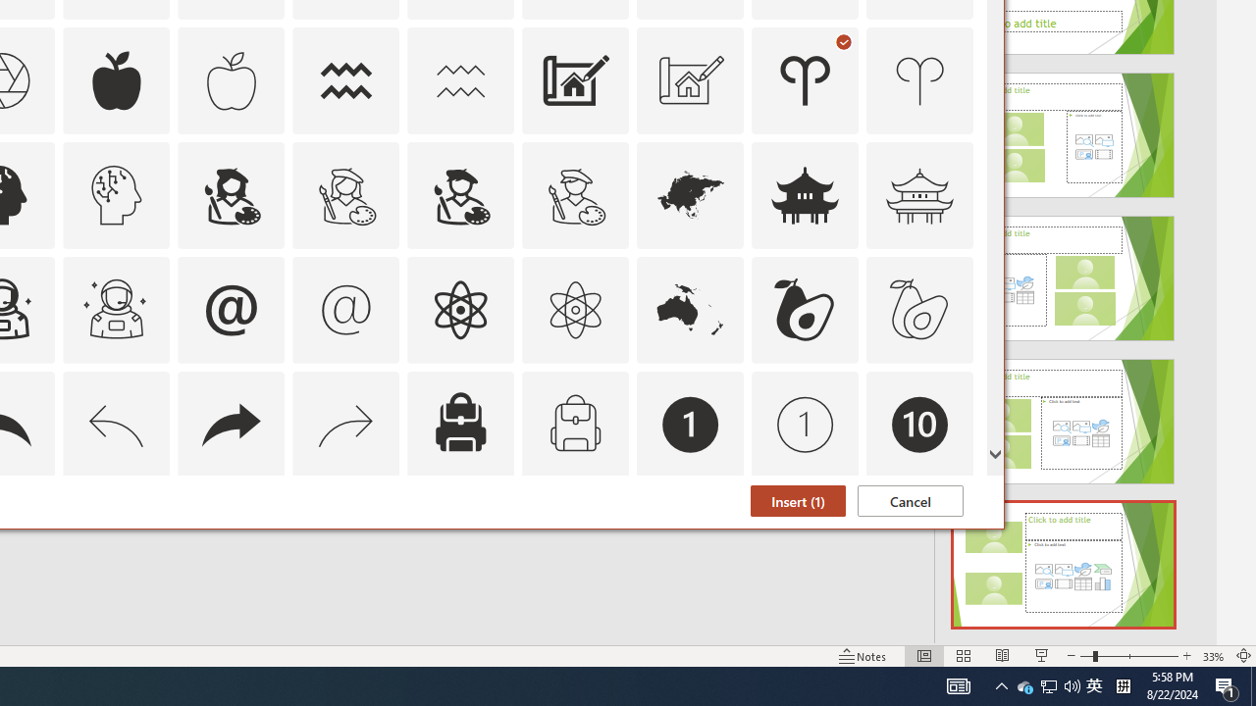  Describe the element at coordinates (574, 194) in the screenshot. I see `'AutomationID: Icons_ArtistMale_M'` at that location.